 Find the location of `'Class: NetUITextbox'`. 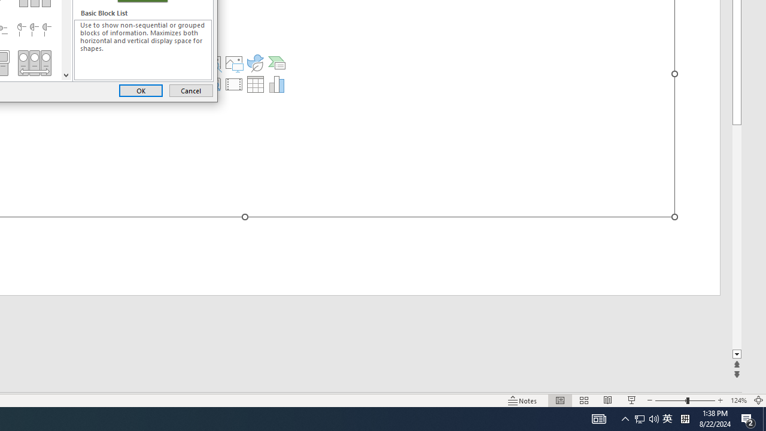

'Class: NetUITextbox' is located at coordinates (143, 49).